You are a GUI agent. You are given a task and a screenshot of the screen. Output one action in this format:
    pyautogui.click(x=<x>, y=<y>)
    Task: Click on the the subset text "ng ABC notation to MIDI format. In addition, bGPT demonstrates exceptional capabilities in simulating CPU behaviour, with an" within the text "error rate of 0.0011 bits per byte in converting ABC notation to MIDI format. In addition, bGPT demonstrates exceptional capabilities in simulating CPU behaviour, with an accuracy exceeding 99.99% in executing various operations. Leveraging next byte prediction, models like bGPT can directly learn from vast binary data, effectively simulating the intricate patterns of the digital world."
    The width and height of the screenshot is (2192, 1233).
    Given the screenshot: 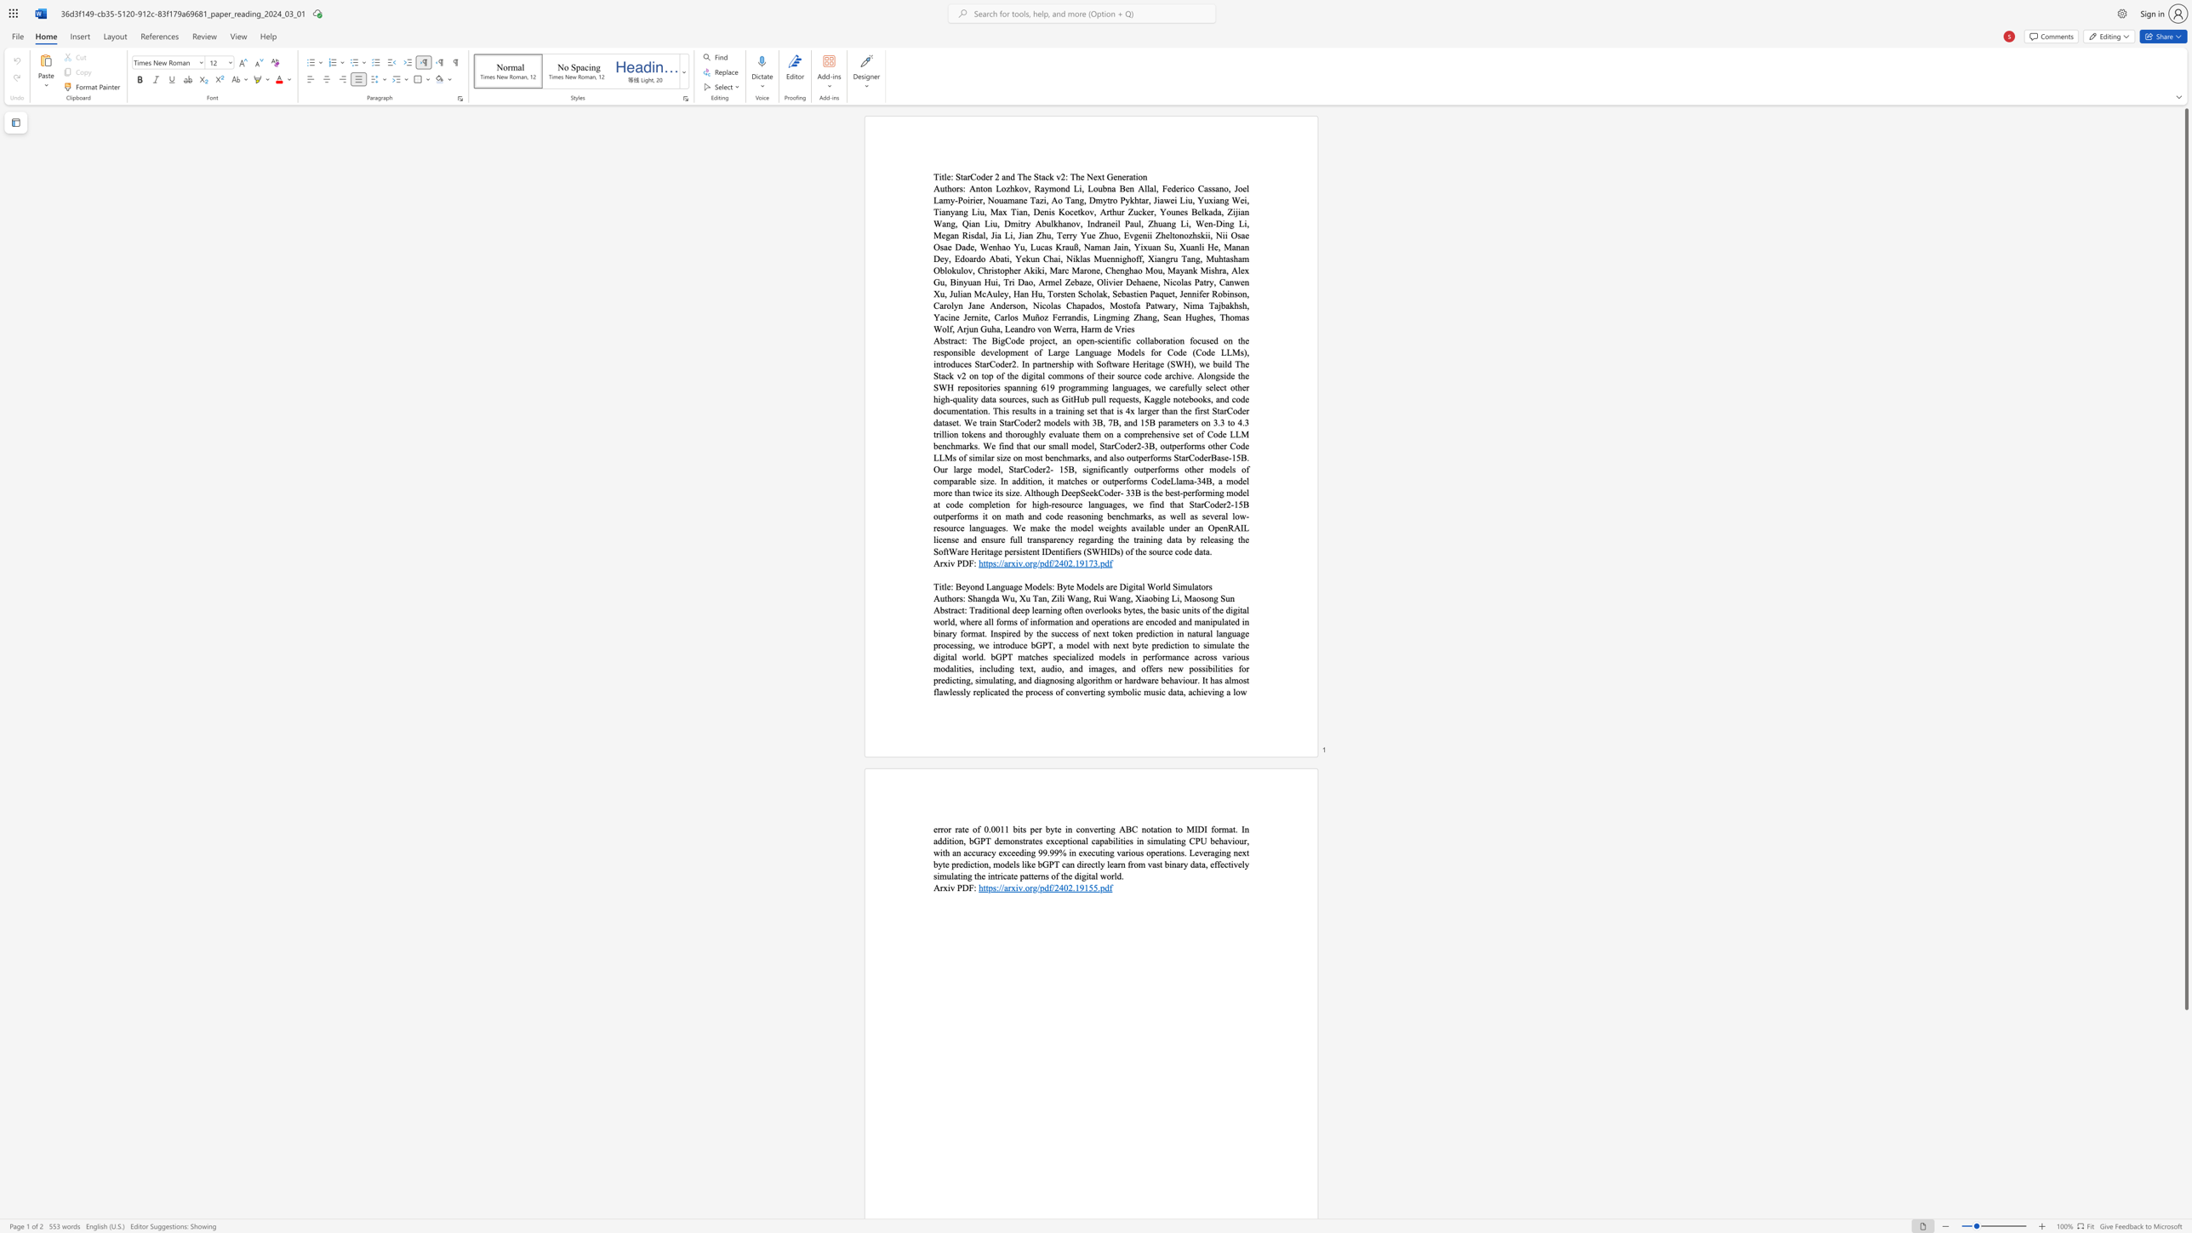 What is the action you would take?
    pyautogui.click(x=1105, y=829)
    